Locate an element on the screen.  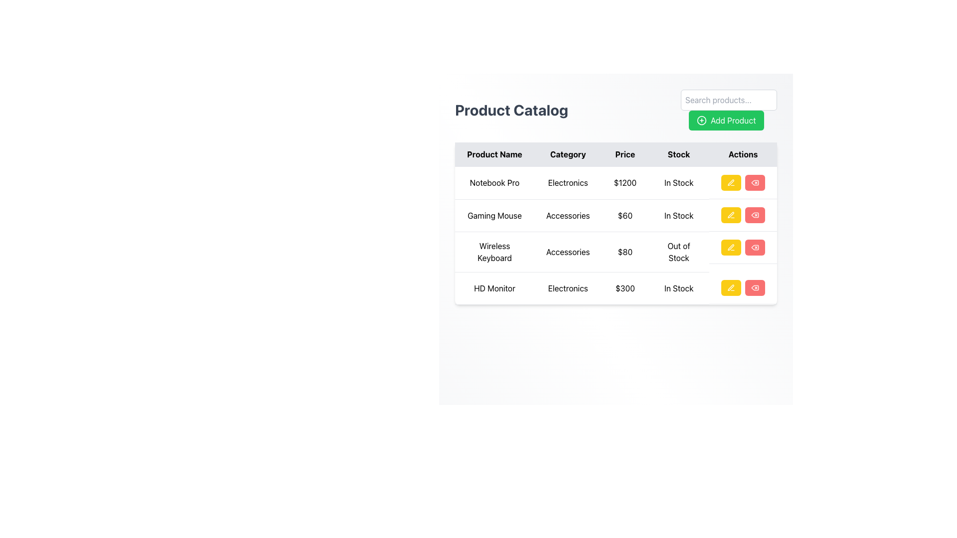
the edit icon button resembling a pen or pencil with a yellow background located on the right side of the 'Wireless Keyboard' product row in the 'Actions' column is located at coordinates (731, 182).